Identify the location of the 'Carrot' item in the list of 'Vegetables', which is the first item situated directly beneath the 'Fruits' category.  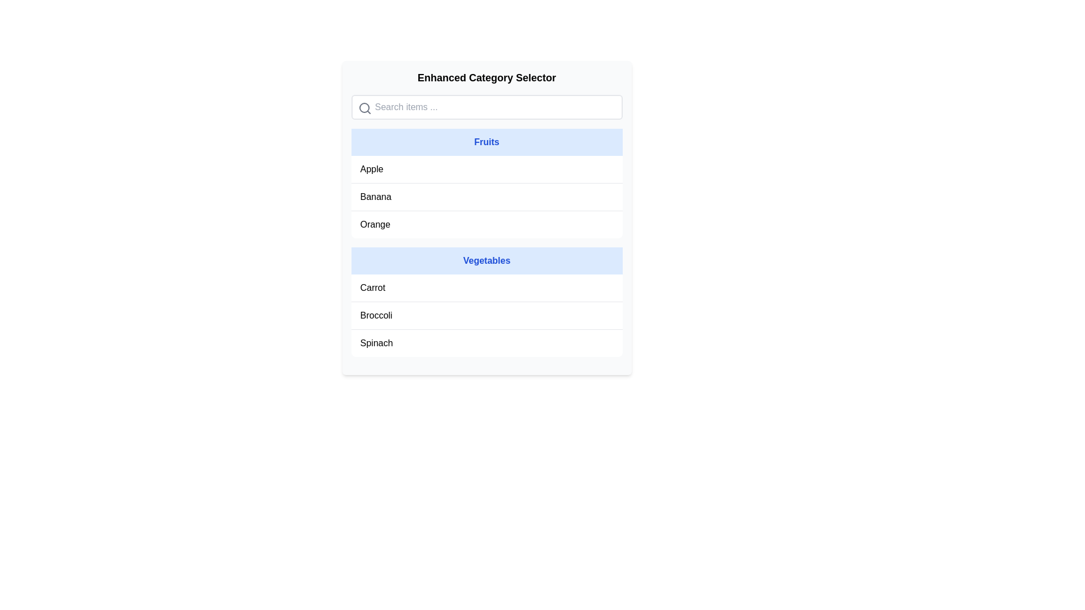
(487, 287).